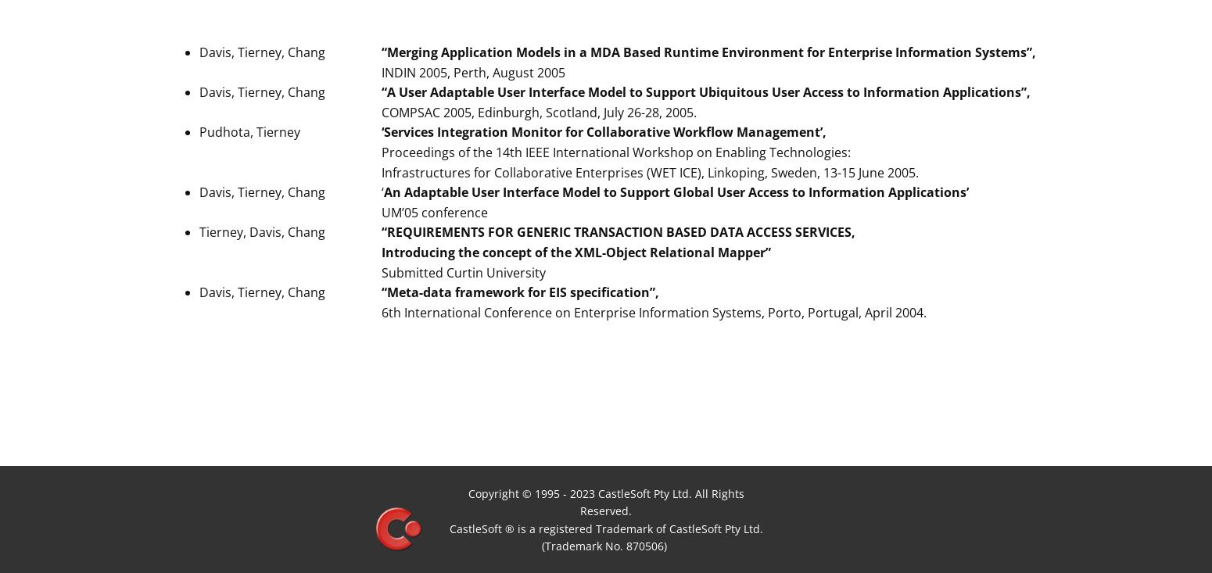 The width and height of the screenshot is (1212, 573). I want to click on 'Proceedings of the 14th IEEE International Workshop on Enabling Technologies:', so click(380, 151).